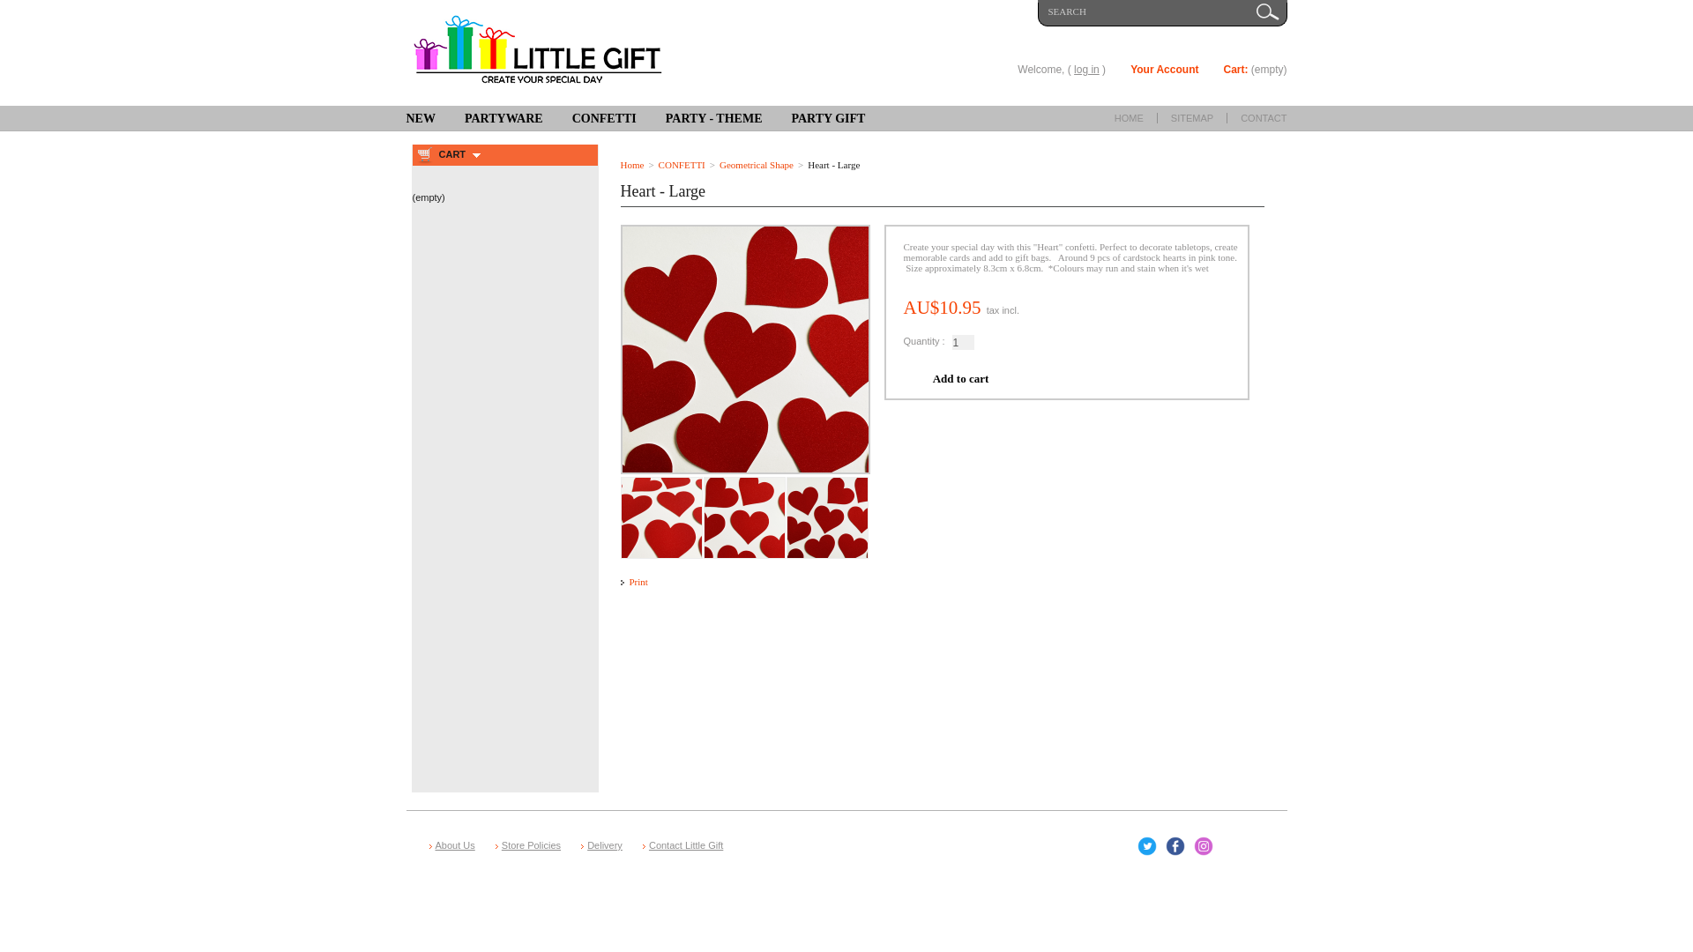 This screenshot has width=1693, height=952. I want to click on 'About Us', so click(455, 844).